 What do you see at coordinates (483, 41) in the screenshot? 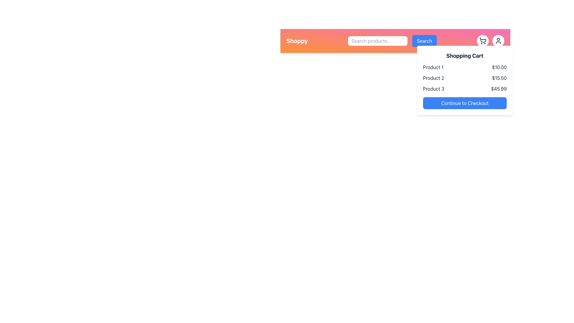
I see `the shopping cart icon button, which is styled in a modern monochrome design and located in the upper-right corner of the interface` at bounding box center [483, 41].